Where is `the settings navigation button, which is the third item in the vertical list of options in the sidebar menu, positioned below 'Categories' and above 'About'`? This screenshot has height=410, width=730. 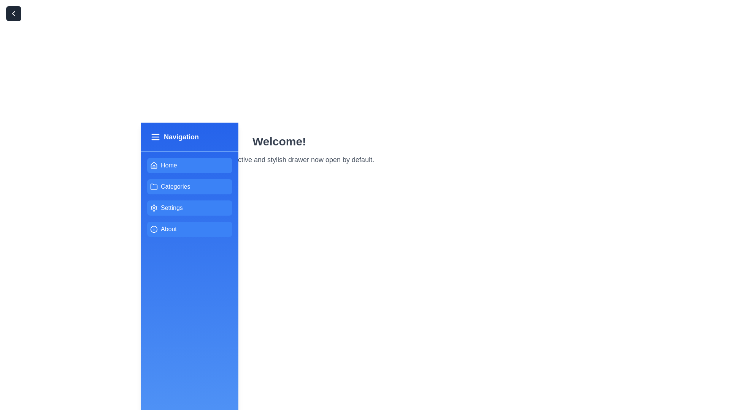 the settings navigation button, which is the third item in the vertical list of options in the sidebar menu, positioned below 'Categories' and above 'About' is located at coordinates (190, 208).